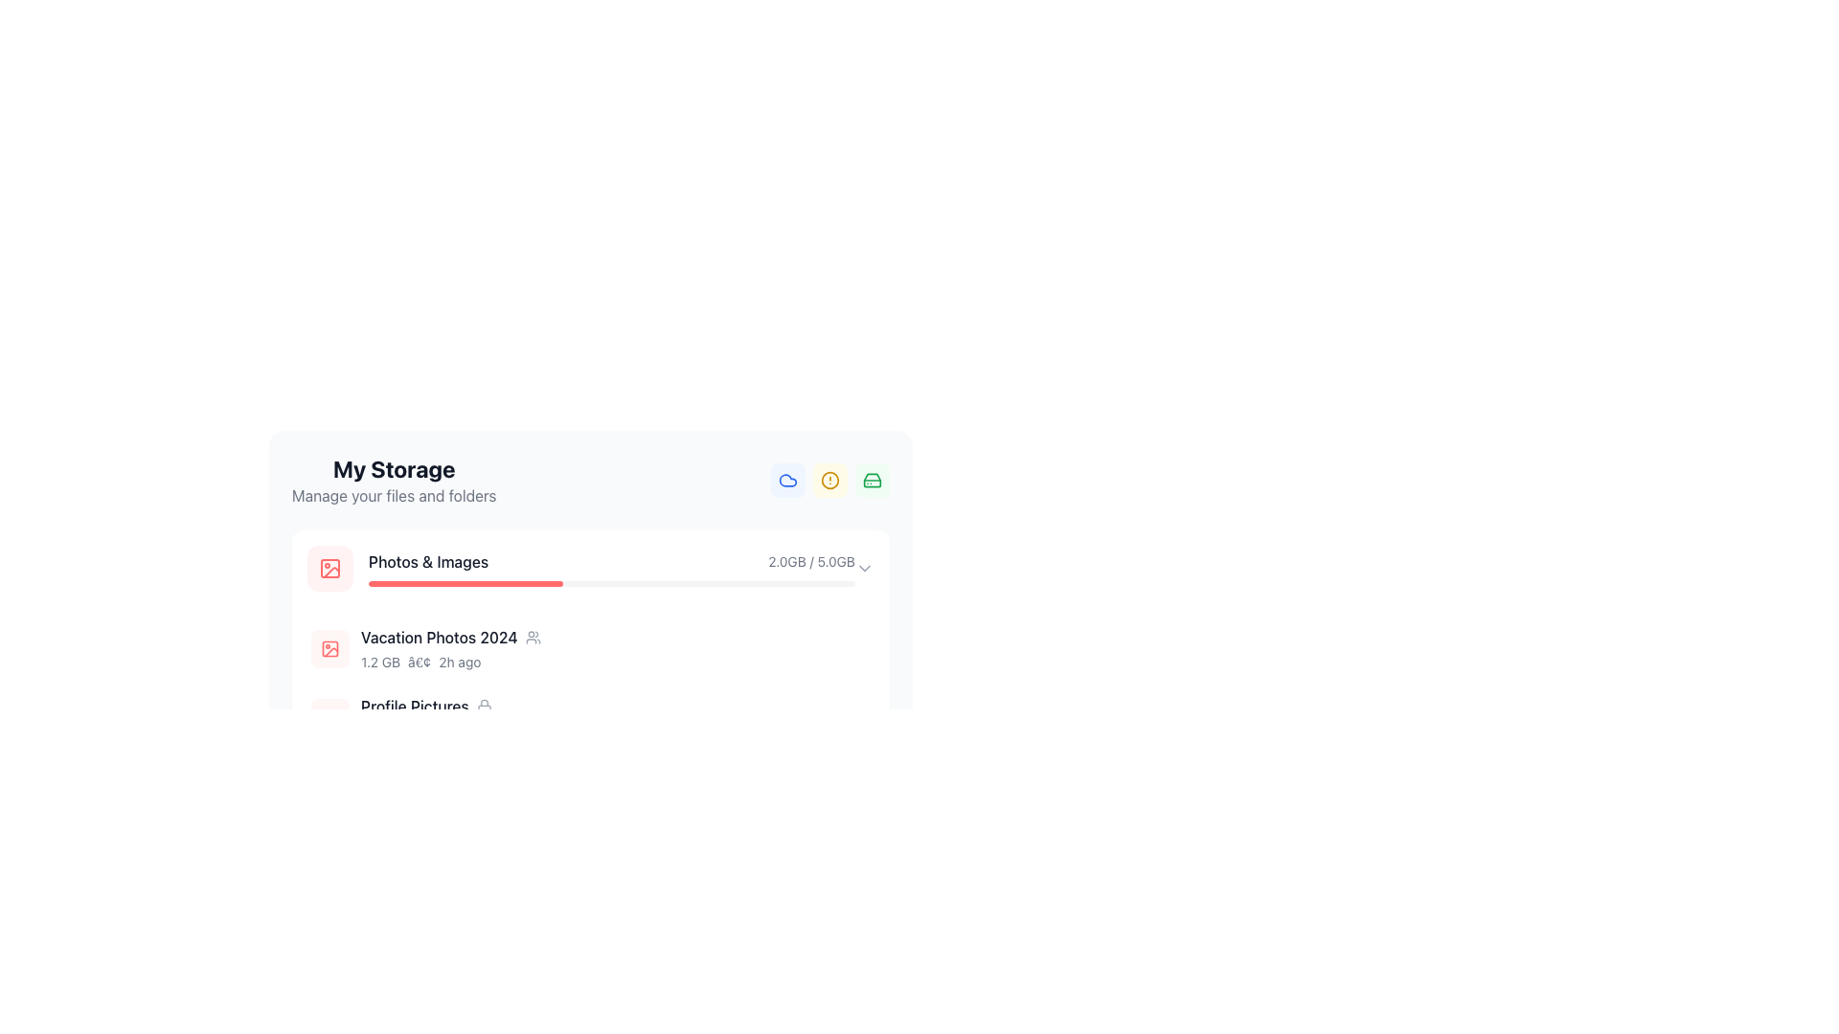 This screenshot has height=1034, width=1839. Describe the element at coordinates (465, 828) in the screenshot. I see `the Progress bar indicator located below the 'Photos & Images' section, which visually represents the current progress or completion level` at that location.